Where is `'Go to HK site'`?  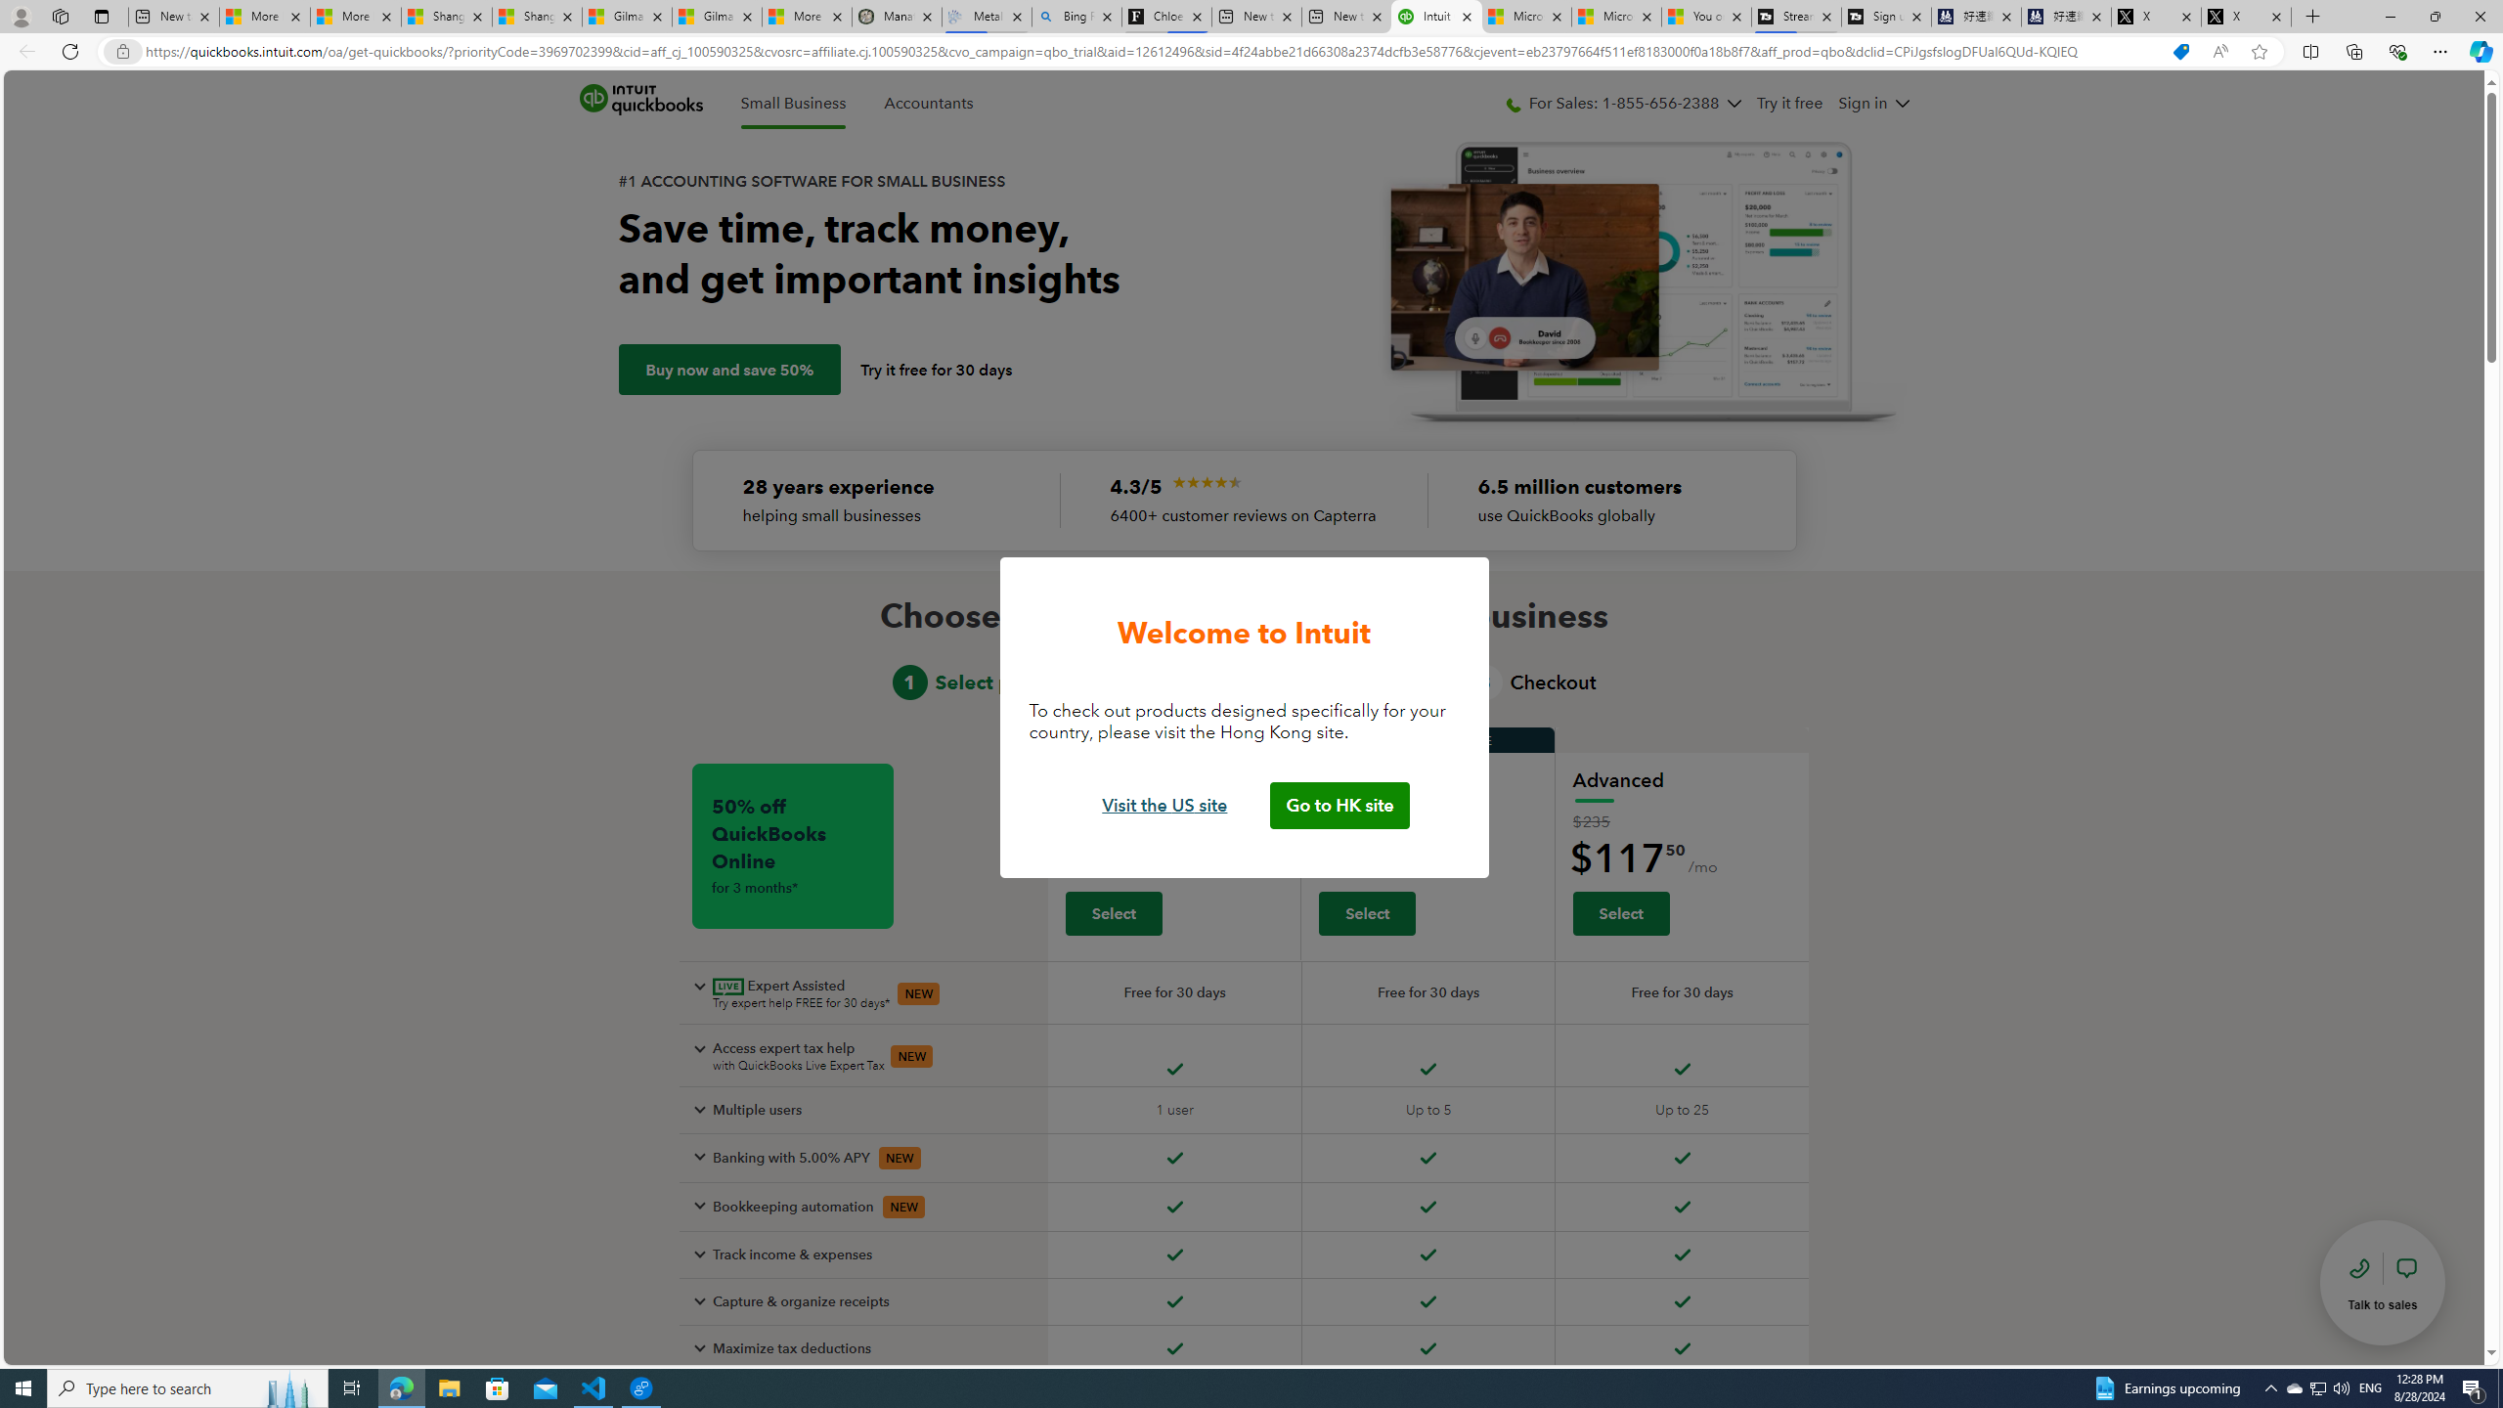 'Go to HK site' is located at coordinates (1339, 805).